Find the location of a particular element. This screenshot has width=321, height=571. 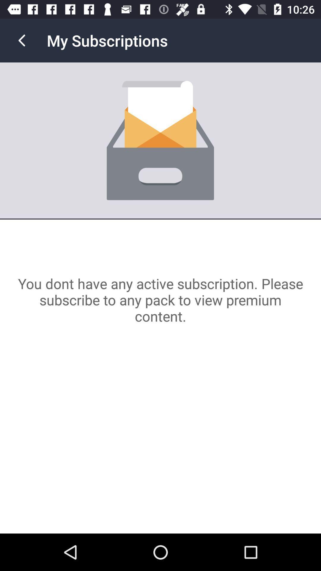

back page arrow is located at coordinates (21, 40).